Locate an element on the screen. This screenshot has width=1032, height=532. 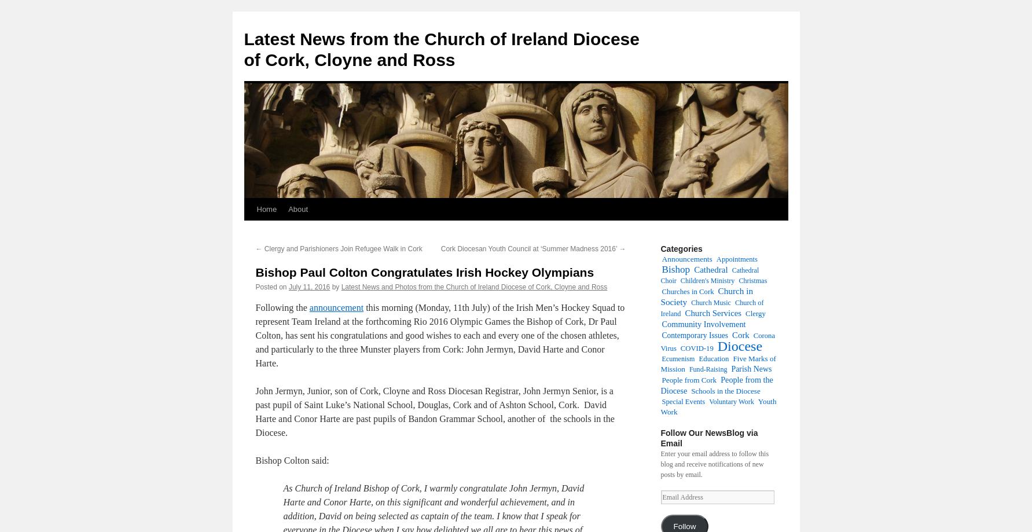
'Appointments' is located at coordinates (736, 259).